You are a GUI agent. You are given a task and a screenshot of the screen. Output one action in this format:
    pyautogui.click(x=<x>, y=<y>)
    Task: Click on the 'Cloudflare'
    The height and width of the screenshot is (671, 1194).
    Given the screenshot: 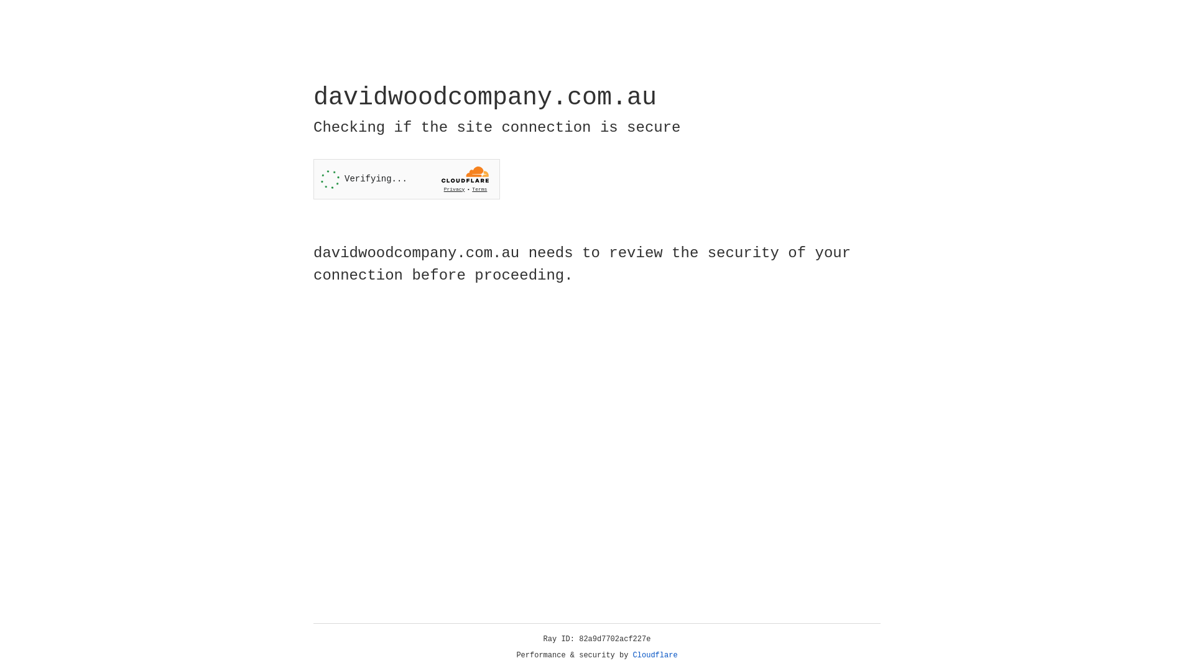 What is the action you would take?
    pyautogui.click(x=632, y=655)
    